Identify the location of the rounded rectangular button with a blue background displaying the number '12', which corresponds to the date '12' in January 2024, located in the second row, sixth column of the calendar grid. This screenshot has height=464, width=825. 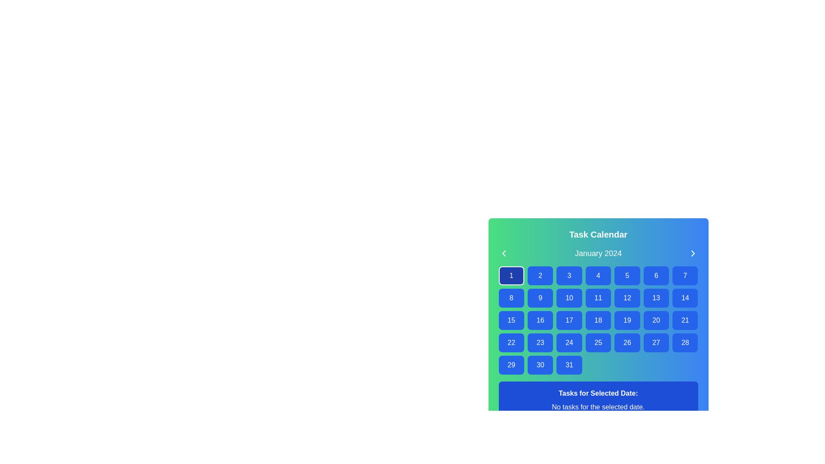
(627, 298).